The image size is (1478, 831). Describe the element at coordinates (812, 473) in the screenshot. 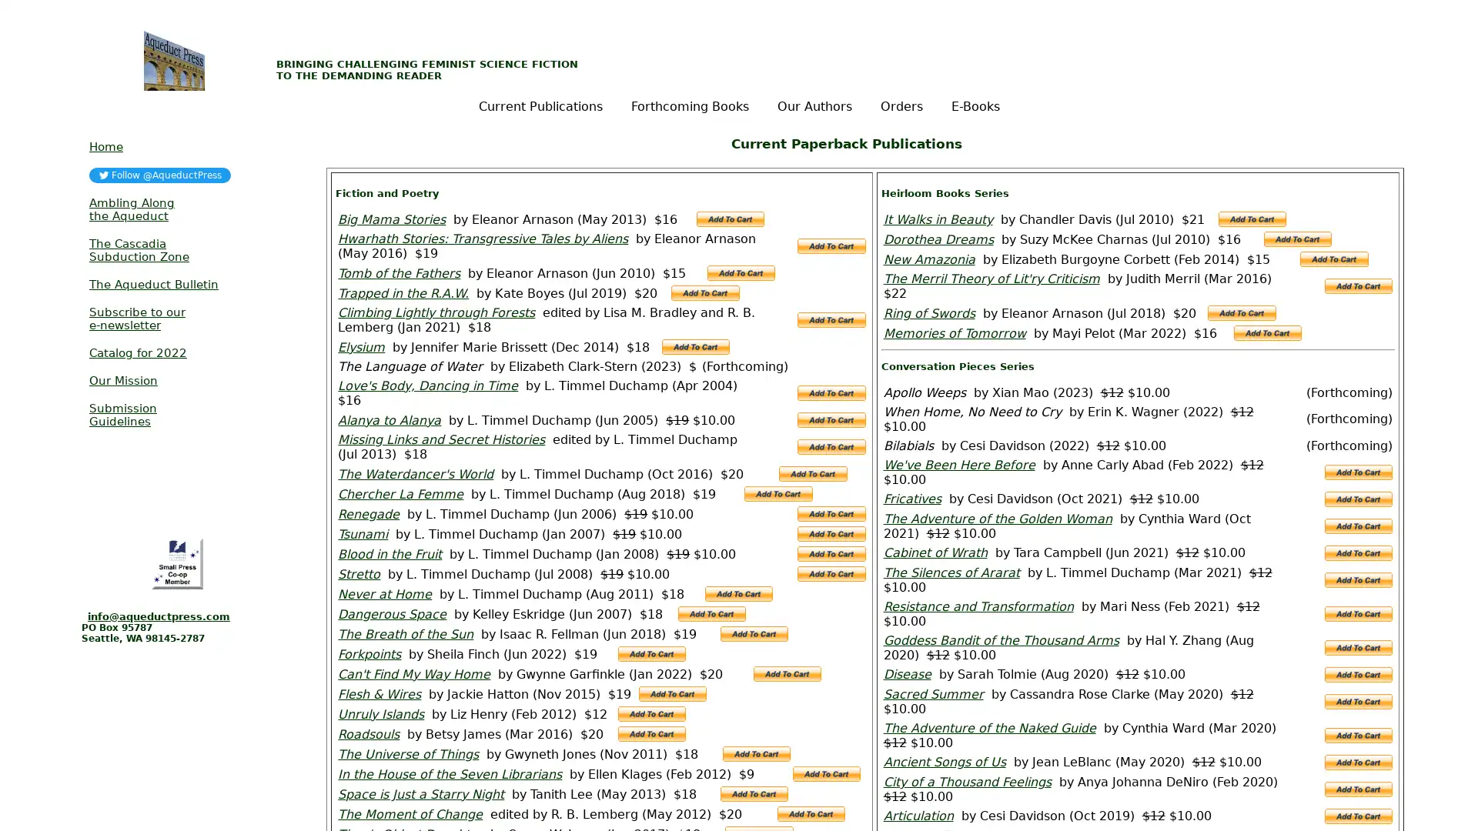

I see `Make payments with PayPal - it\'s fast, free and secure!` at that location.